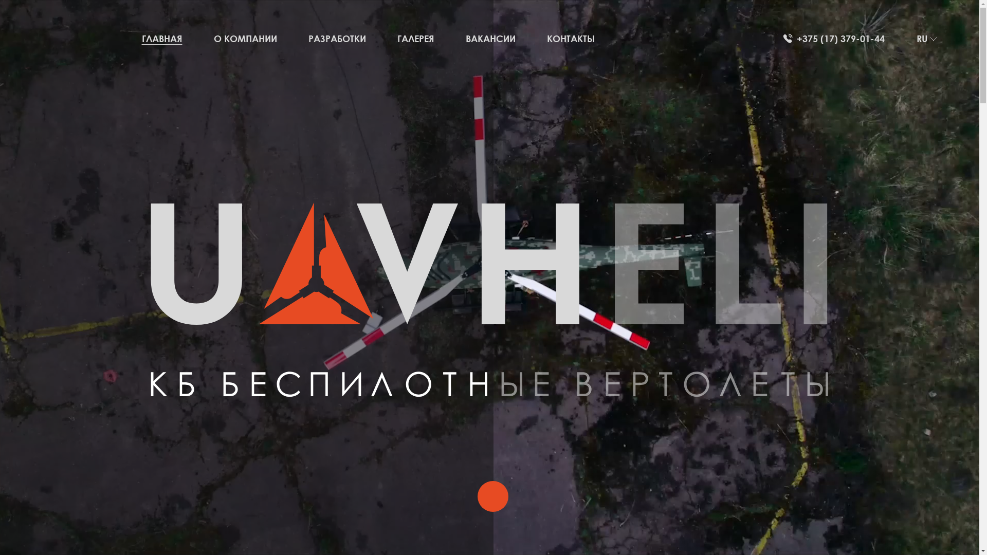 The height and width of the screenshot is (555, 987). What do you see at coordinates (834, 39) in the screenshot?
I see `'+375 (17) 379-01-44'` at bounding box center [834, 39].